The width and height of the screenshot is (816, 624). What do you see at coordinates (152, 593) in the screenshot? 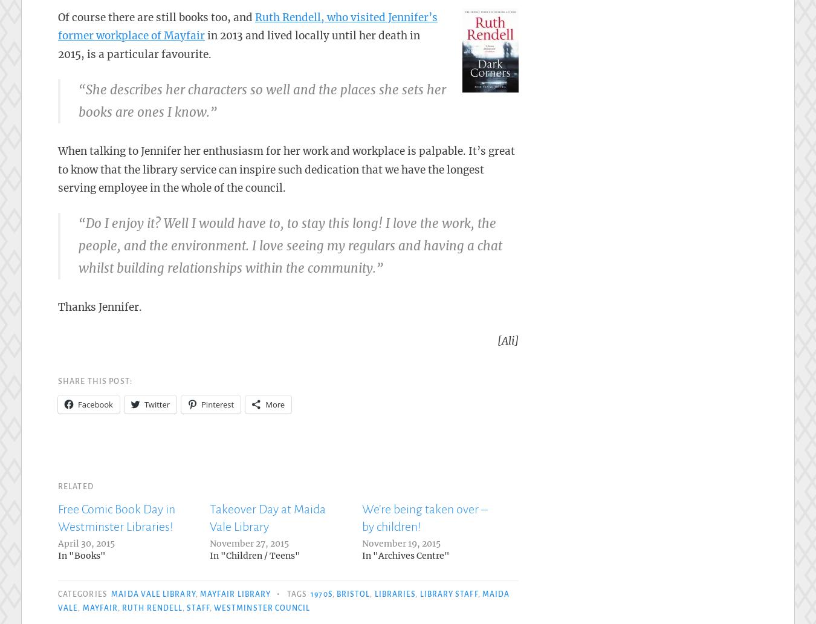
I see `'Maida Vale Library'` at bounding box center [152, 593].